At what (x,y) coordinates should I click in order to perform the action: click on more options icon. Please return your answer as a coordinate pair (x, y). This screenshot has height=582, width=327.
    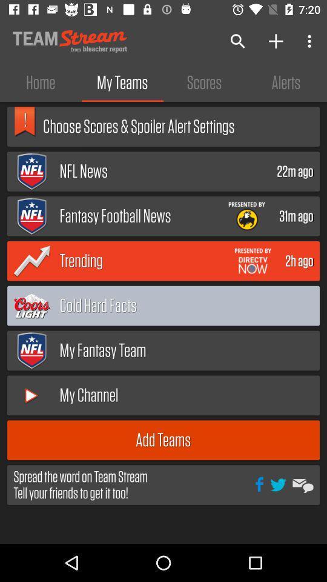
    Looking at the image, I should click on (311, 41).